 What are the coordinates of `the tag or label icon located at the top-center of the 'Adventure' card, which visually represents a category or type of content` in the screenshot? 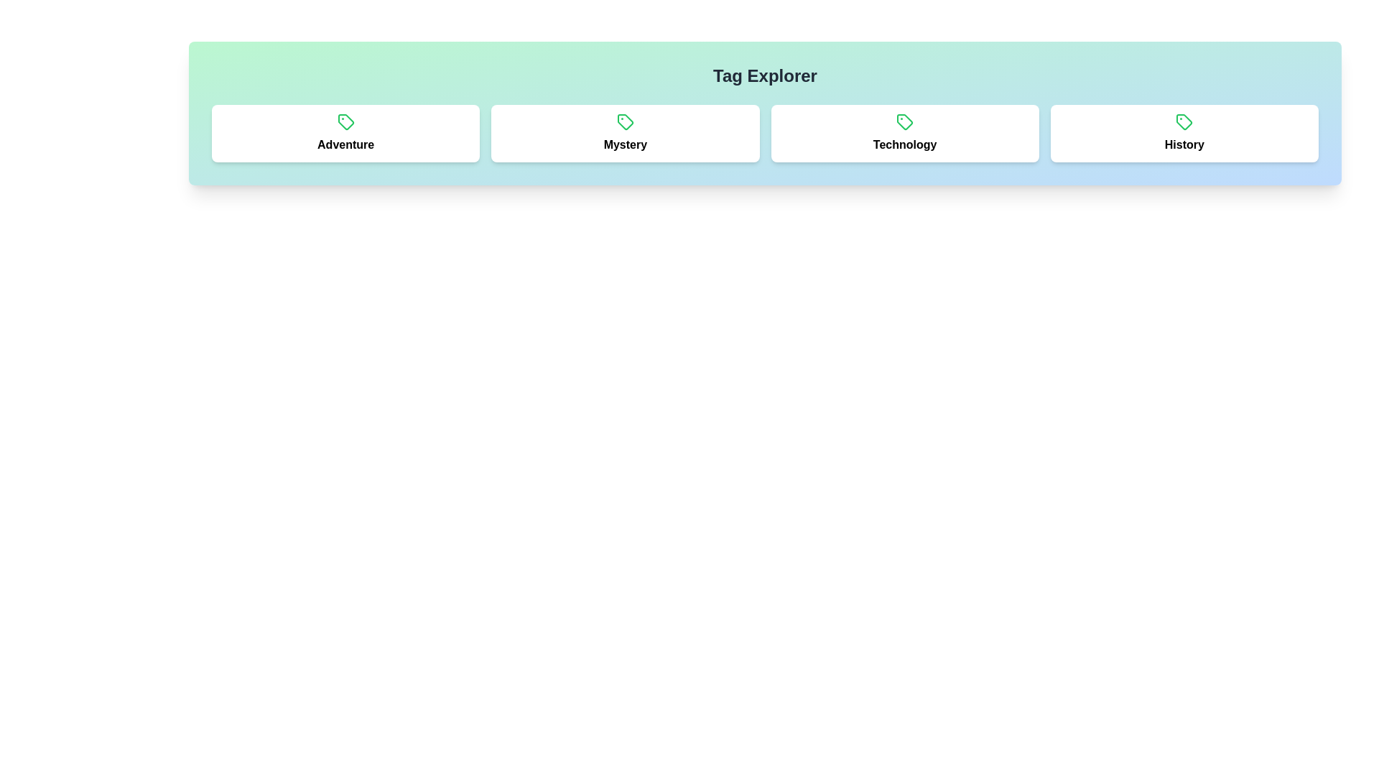 It's located at (345, 121).